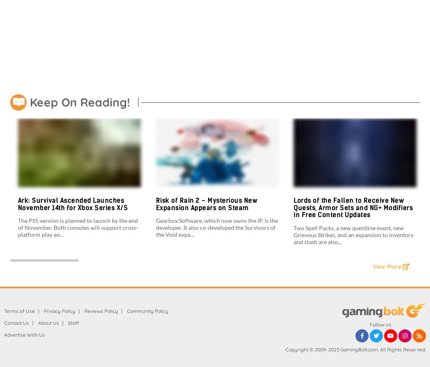 The image size is (430, 367). I want to click on 'Terms of Use', so click(19, 310).